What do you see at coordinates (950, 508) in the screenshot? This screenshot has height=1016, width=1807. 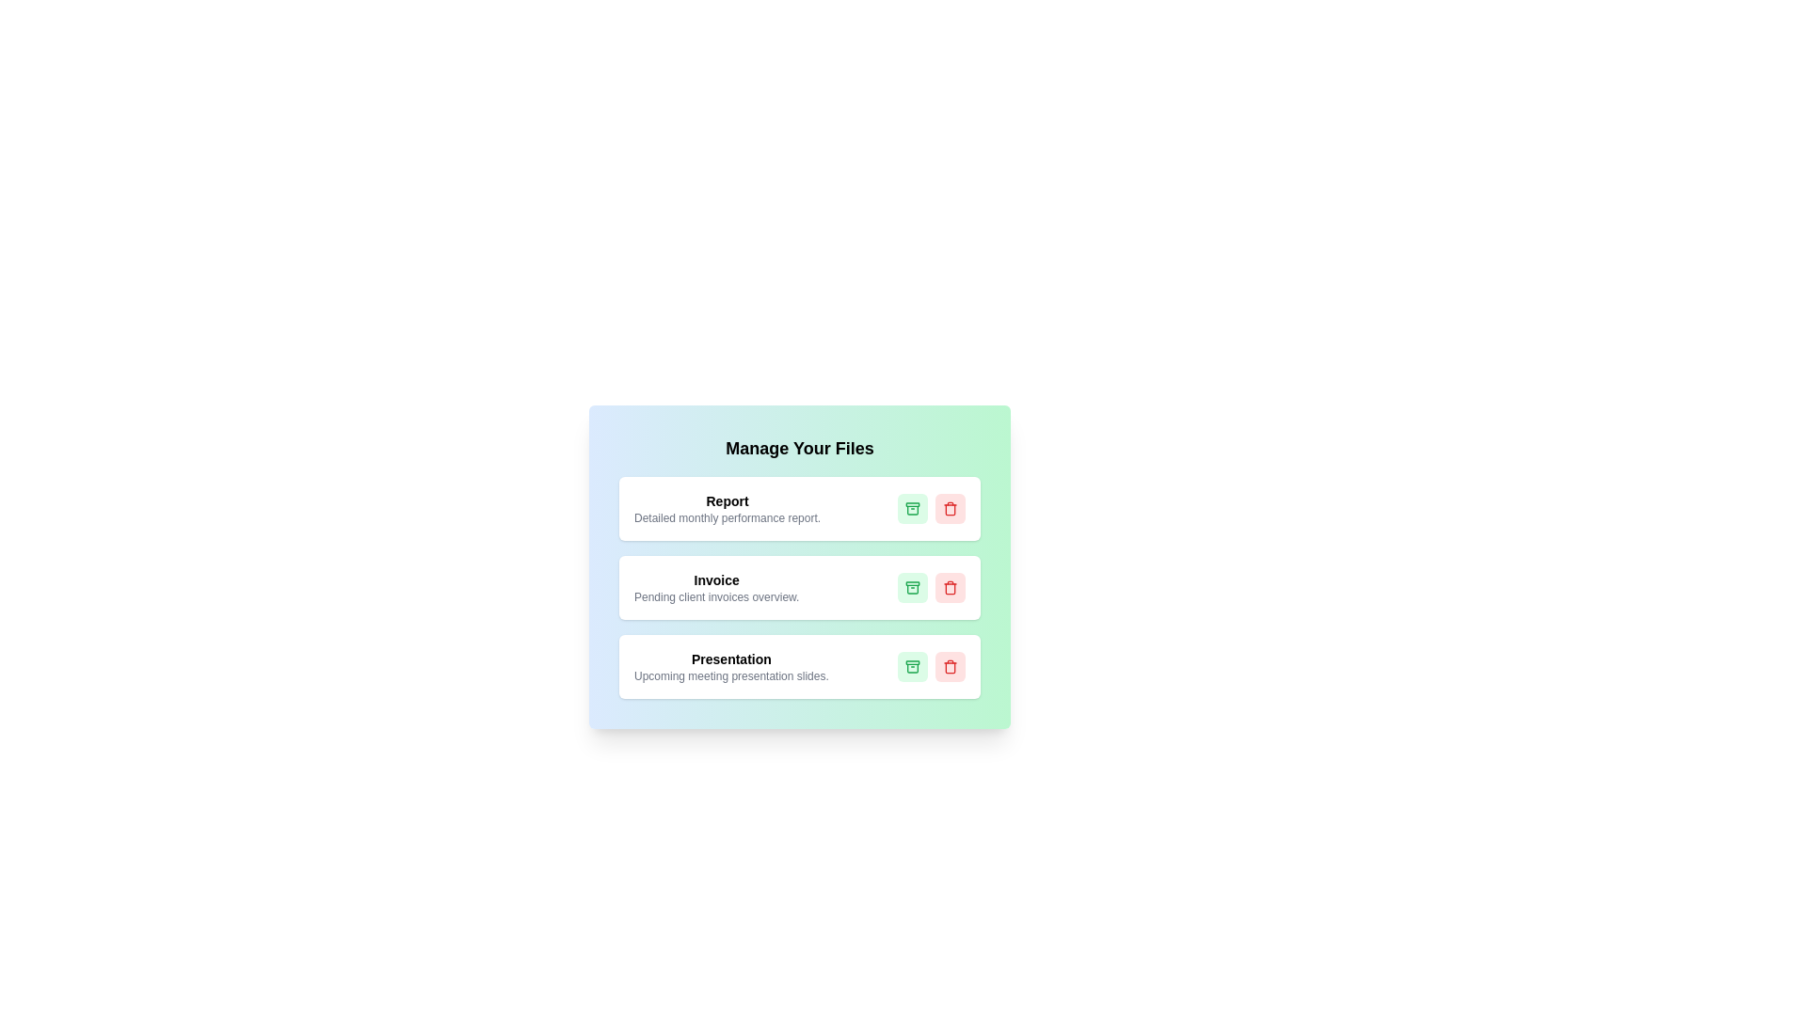 I see `the remove button of the card with title Report` at bounding box center [950, 508].